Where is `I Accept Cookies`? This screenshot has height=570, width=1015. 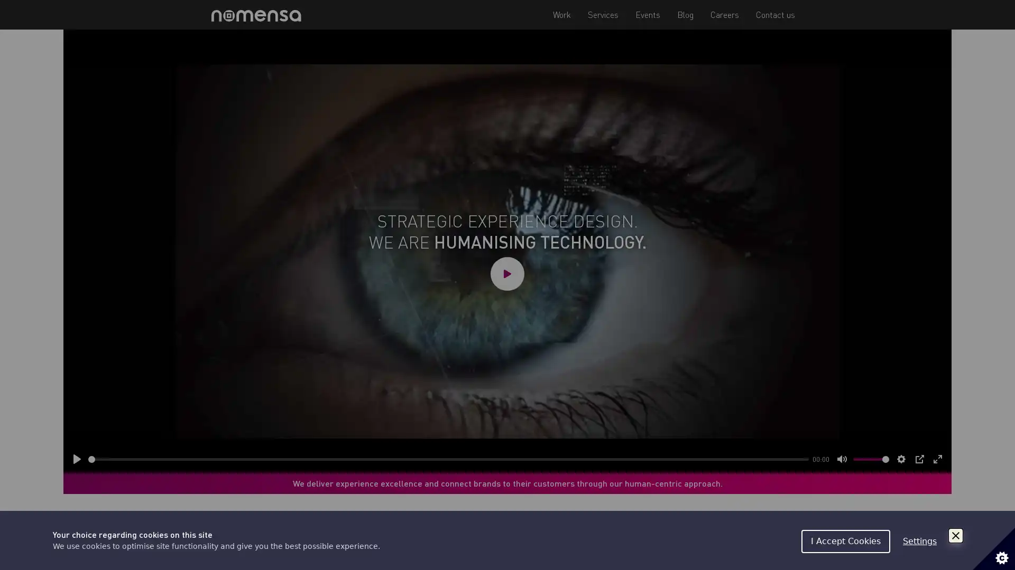 I Accept Cookies is located at coordinates (845, 541).